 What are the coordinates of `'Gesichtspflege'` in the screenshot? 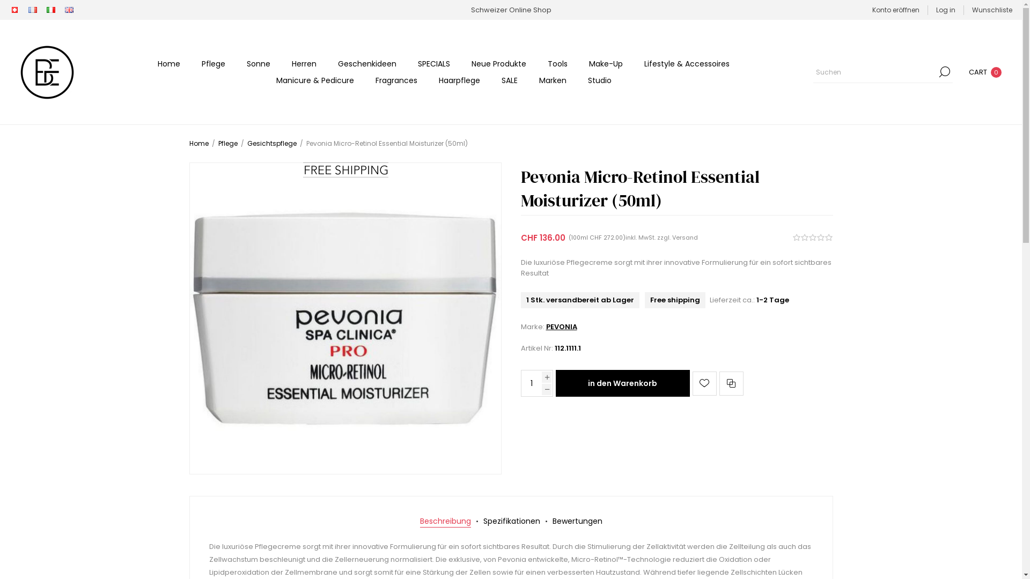 It's located at (271, 143).